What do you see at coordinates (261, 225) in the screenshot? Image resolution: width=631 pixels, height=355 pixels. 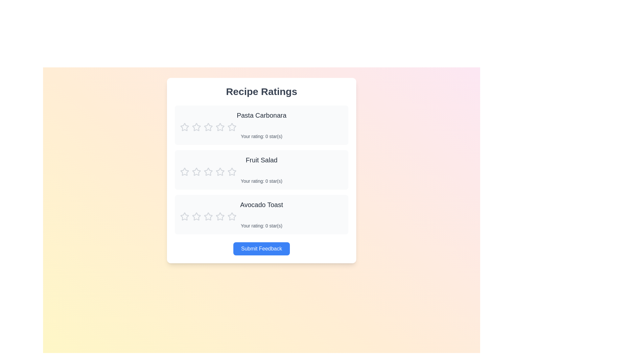 I see `the static text label displaying the current rating for 'Avocado Toast' located at the bottom of the card, centered below the star rating elements` at bounding box center [261, 225].